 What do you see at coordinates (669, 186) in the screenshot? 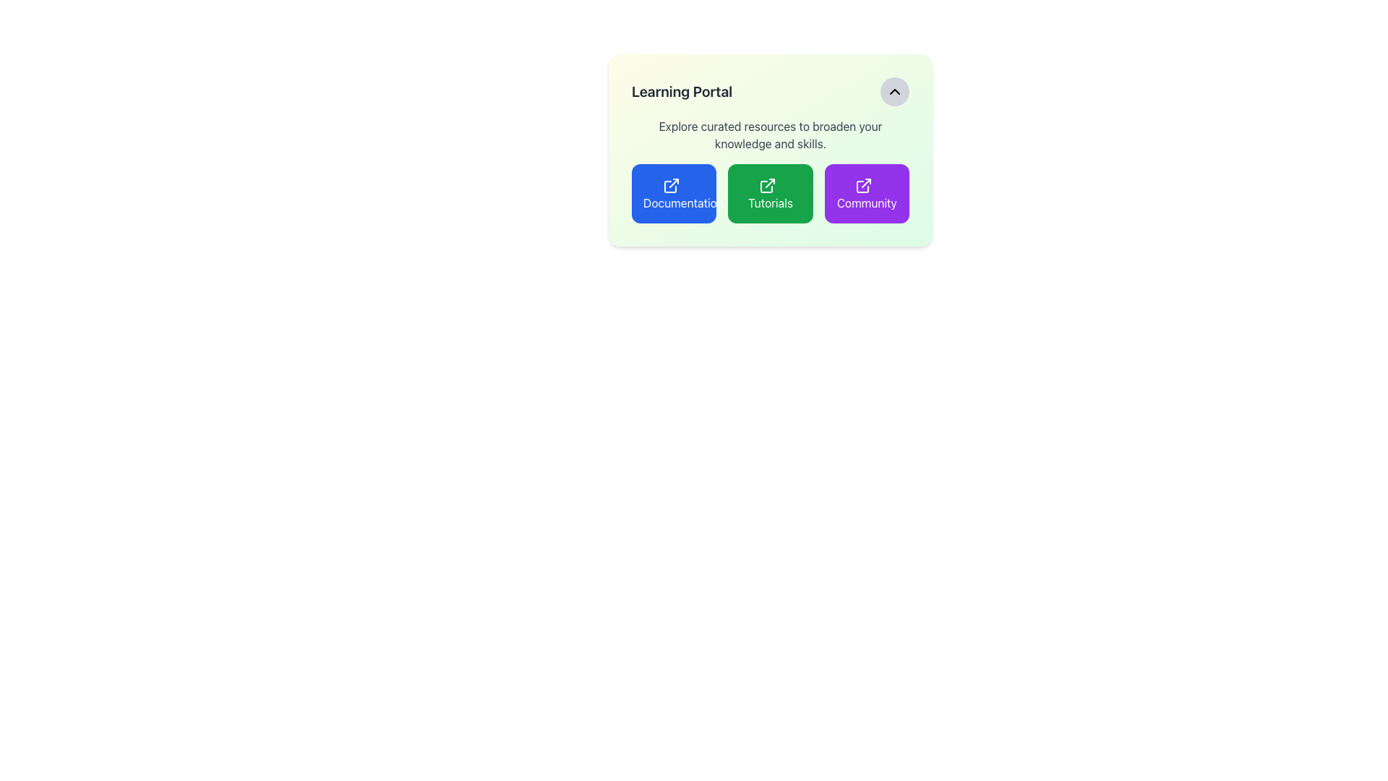
I see `the 'Documentation' button, which is the first button in a horizontal row under the 'Learning Portal' section` at bounding box center [669, 186].